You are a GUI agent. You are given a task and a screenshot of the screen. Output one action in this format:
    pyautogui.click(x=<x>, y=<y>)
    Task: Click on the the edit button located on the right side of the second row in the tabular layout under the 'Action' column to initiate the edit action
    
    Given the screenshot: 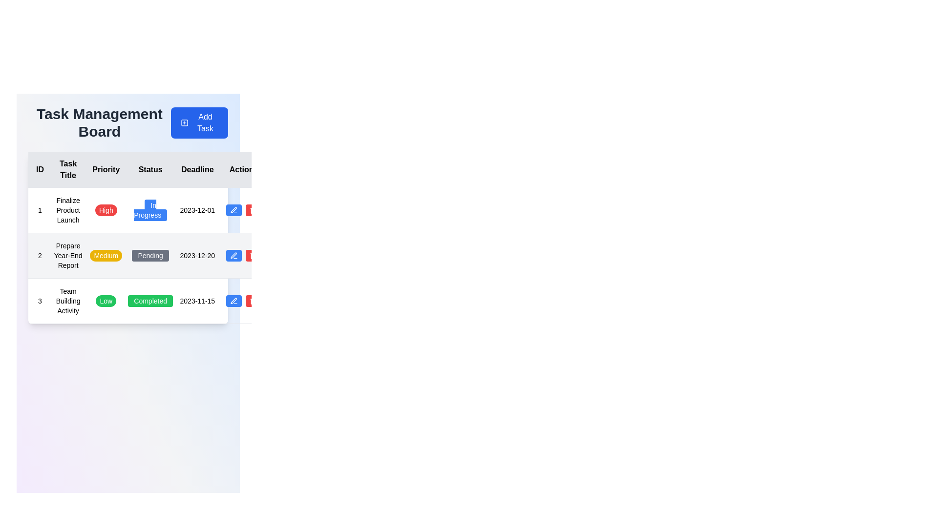 What is the action you would take?
    pyautogui.click(x=234, y=255)
    